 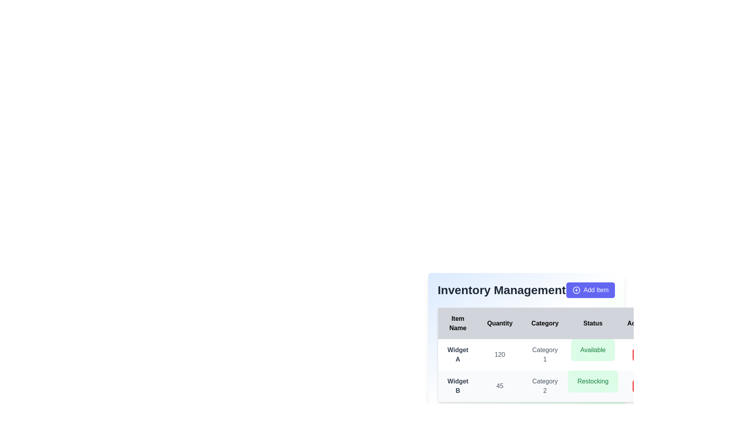 What do you see at coordinates (639, 386) in the screenshot?
I see `the delete button located in the 'Actions' column of the row for 'Widget B' in the inventory management table, which is represented by a red color and trash icon` at bounding box center [639, 386].